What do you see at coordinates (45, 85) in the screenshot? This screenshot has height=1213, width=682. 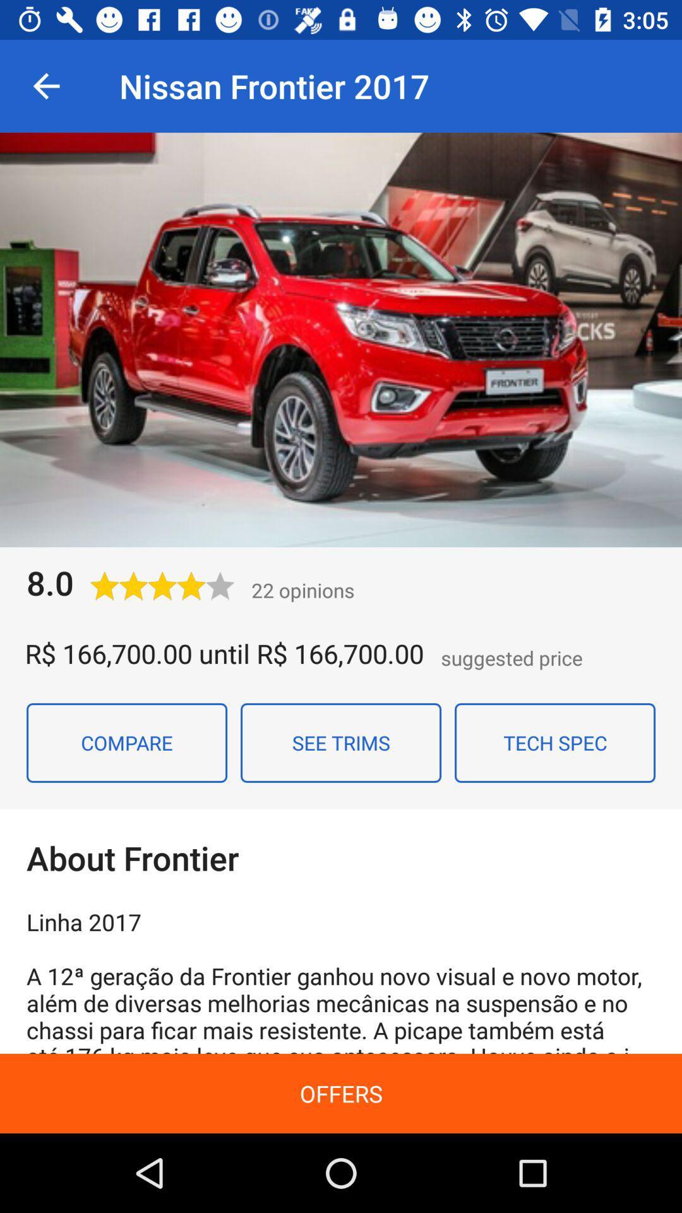 I see `item next to nissan frontier 2017 item` at bounding box center [45, 85].